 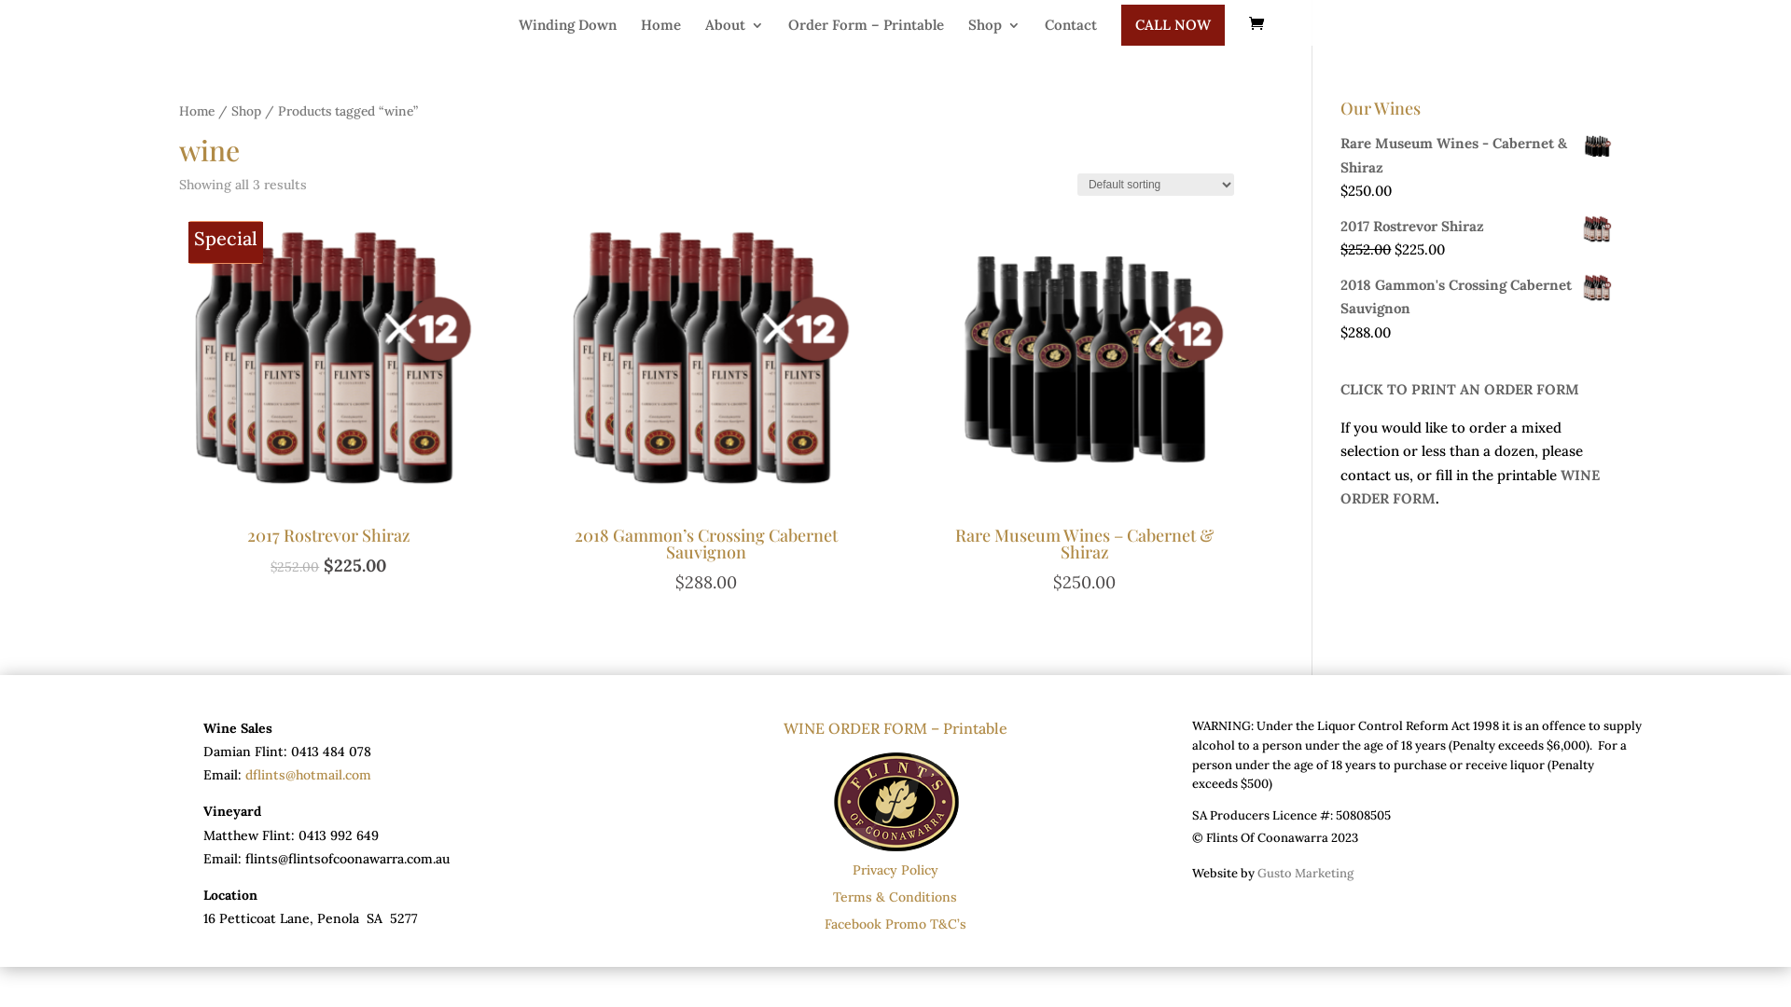 I want to click on 'Shop', so click(x=967, y=27).